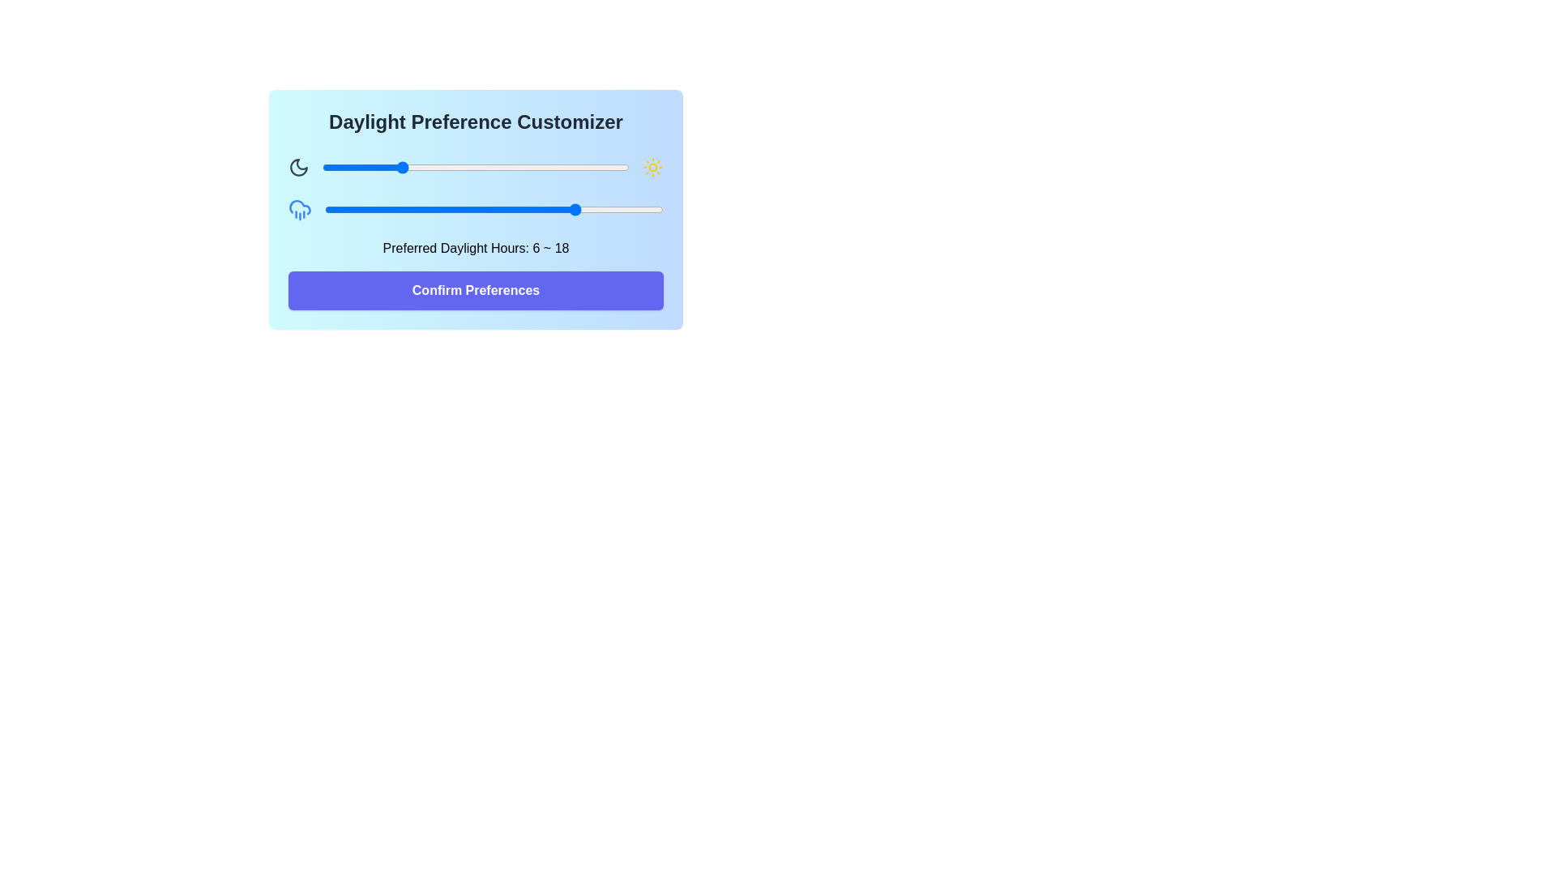 This screenshot has width=1556, height=875. What do you see at coordinates (602, 168) in the screenshot?
I see `the daylight preference` at bounding box center [602, 168].